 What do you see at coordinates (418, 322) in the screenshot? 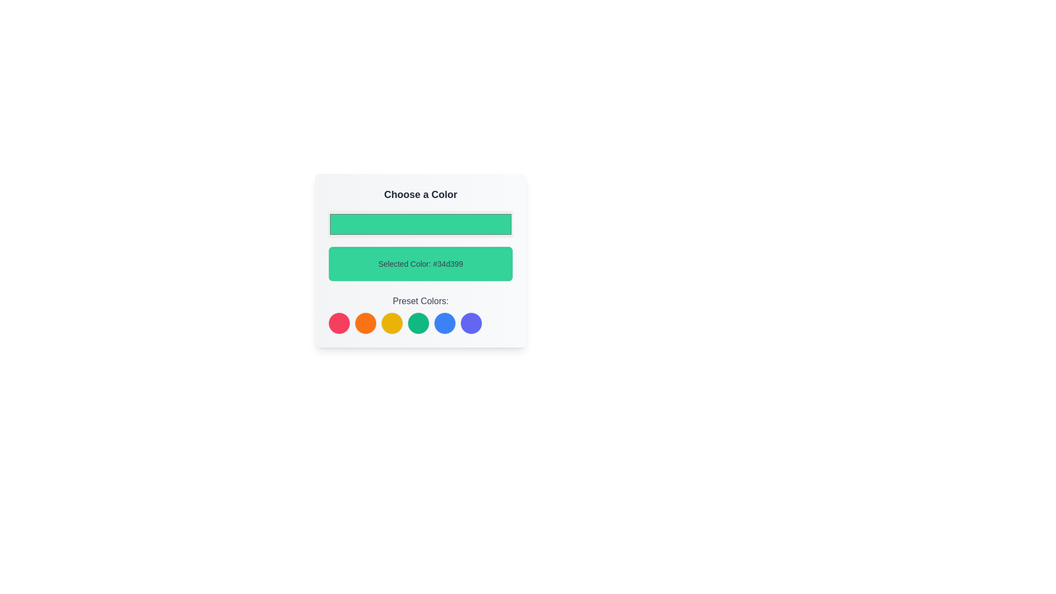
I see `the fourth circular button from the left in the horizontal arrangement` at bounding box center [418, 322].